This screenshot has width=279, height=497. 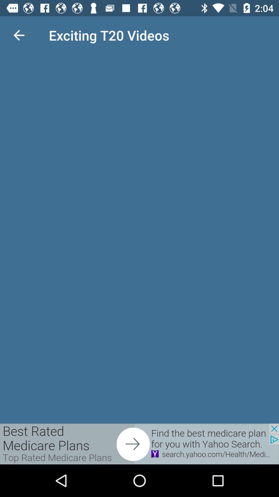 I want to click on medicare plans on search.yahoo.com, so click(x=139, y=444).